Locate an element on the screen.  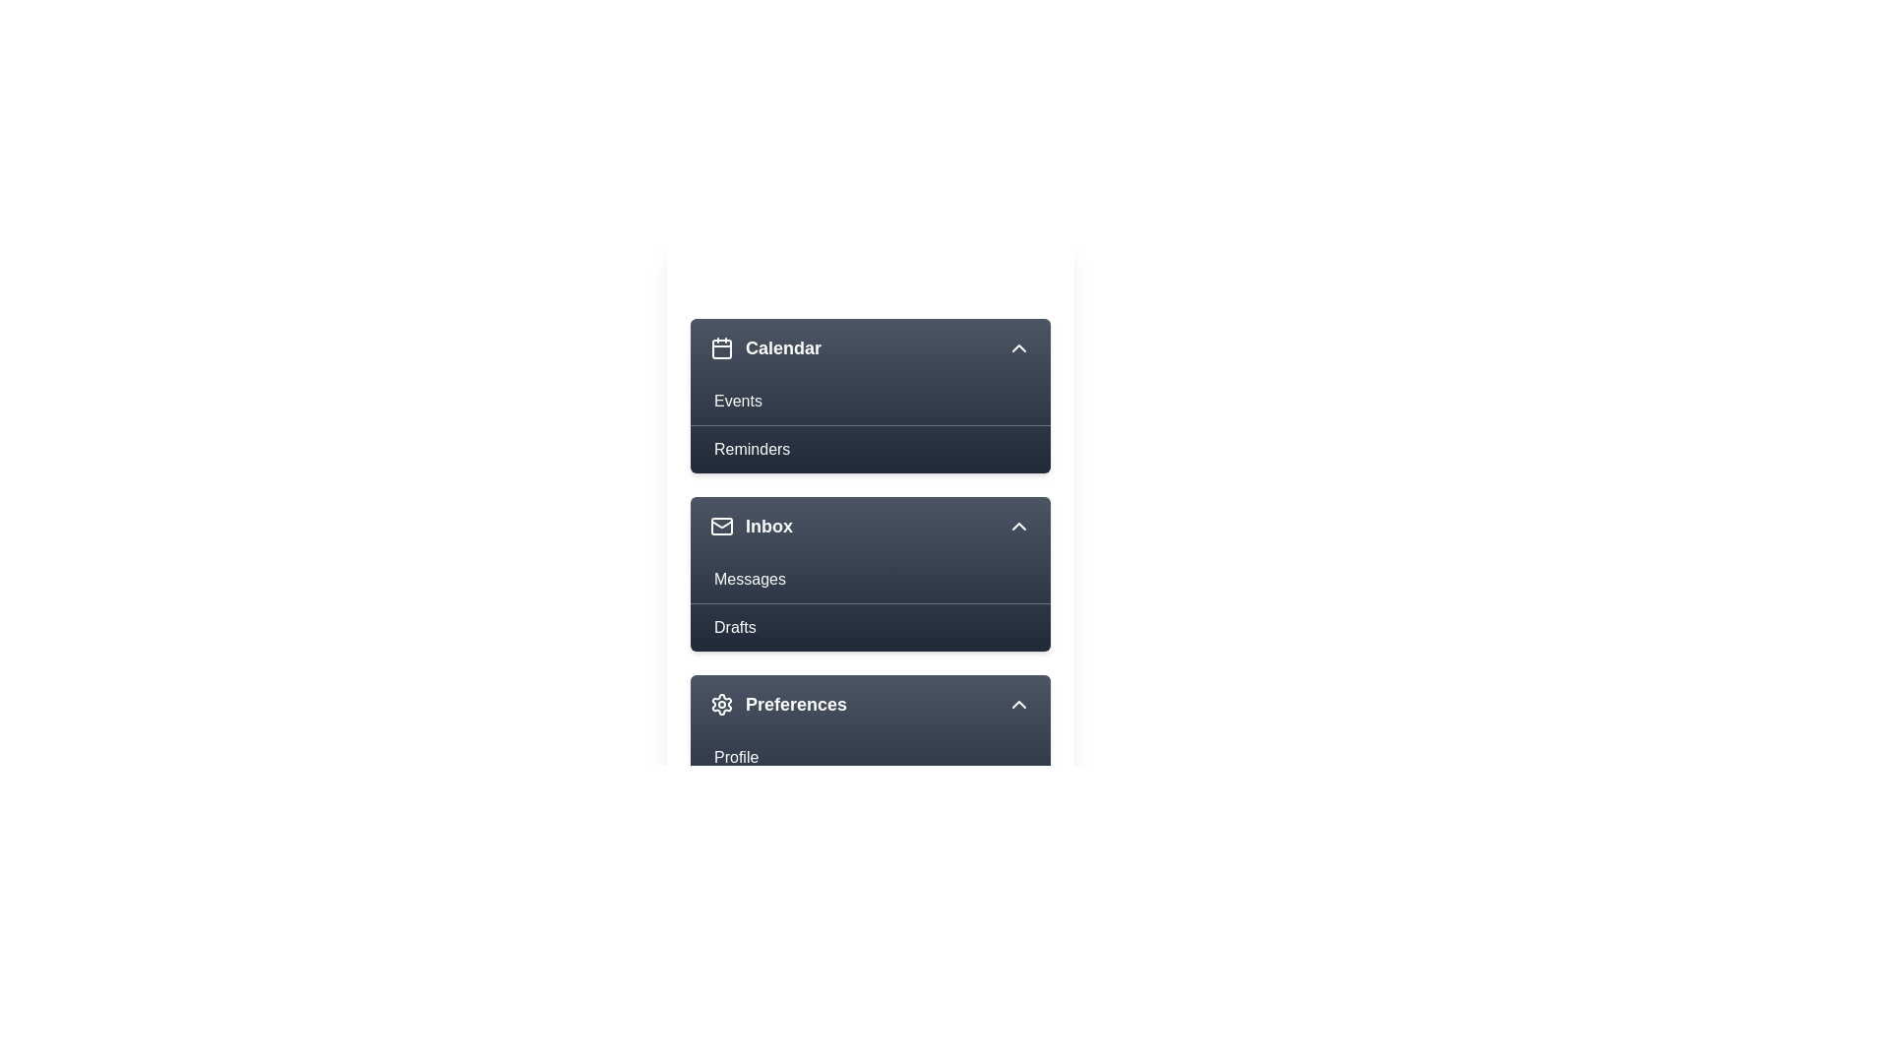
the menu item Calendar to view its hover effect is located at coordinates (869, 347).